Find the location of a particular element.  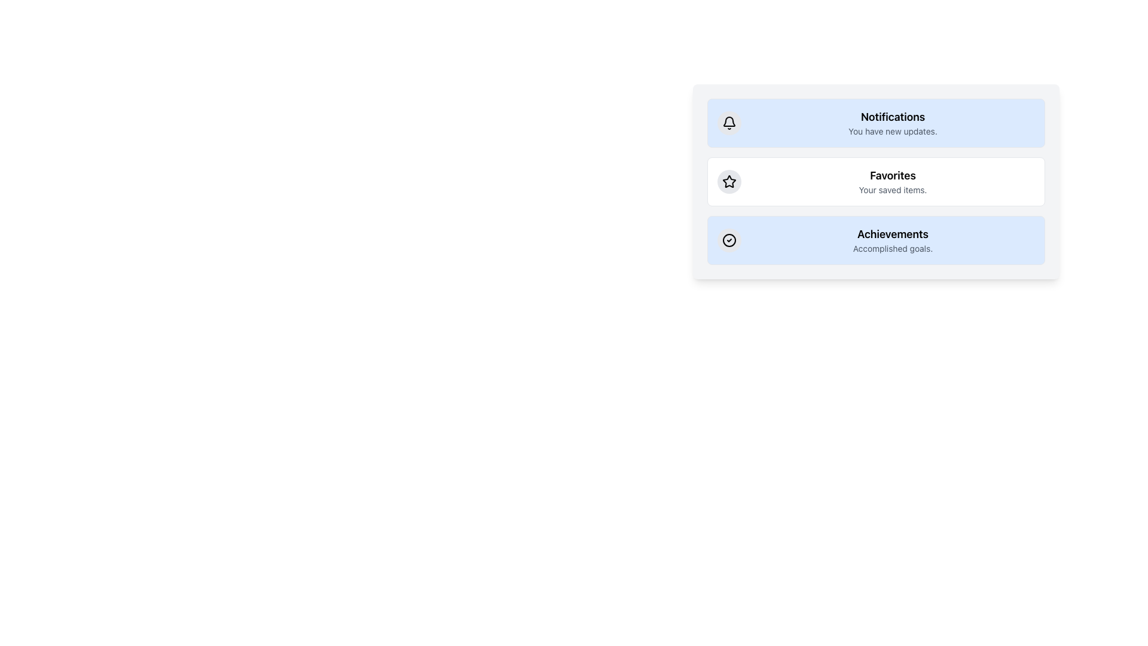

the 'Favorites' card, which is the second card in a vertical stack of three cards is located at coordinates (876, 182).